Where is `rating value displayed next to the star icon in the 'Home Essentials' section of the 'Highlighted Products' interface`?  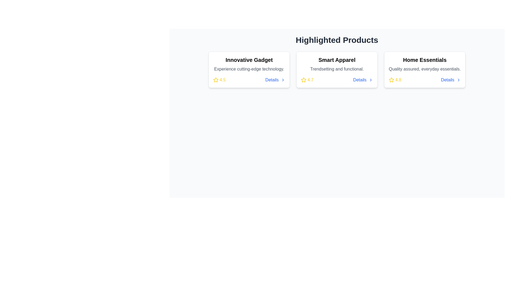 rating value displayed next to the star icon in the 'Home Essentials' section of the 'Highlighted Products' interface is located at coordinates (398, 80).